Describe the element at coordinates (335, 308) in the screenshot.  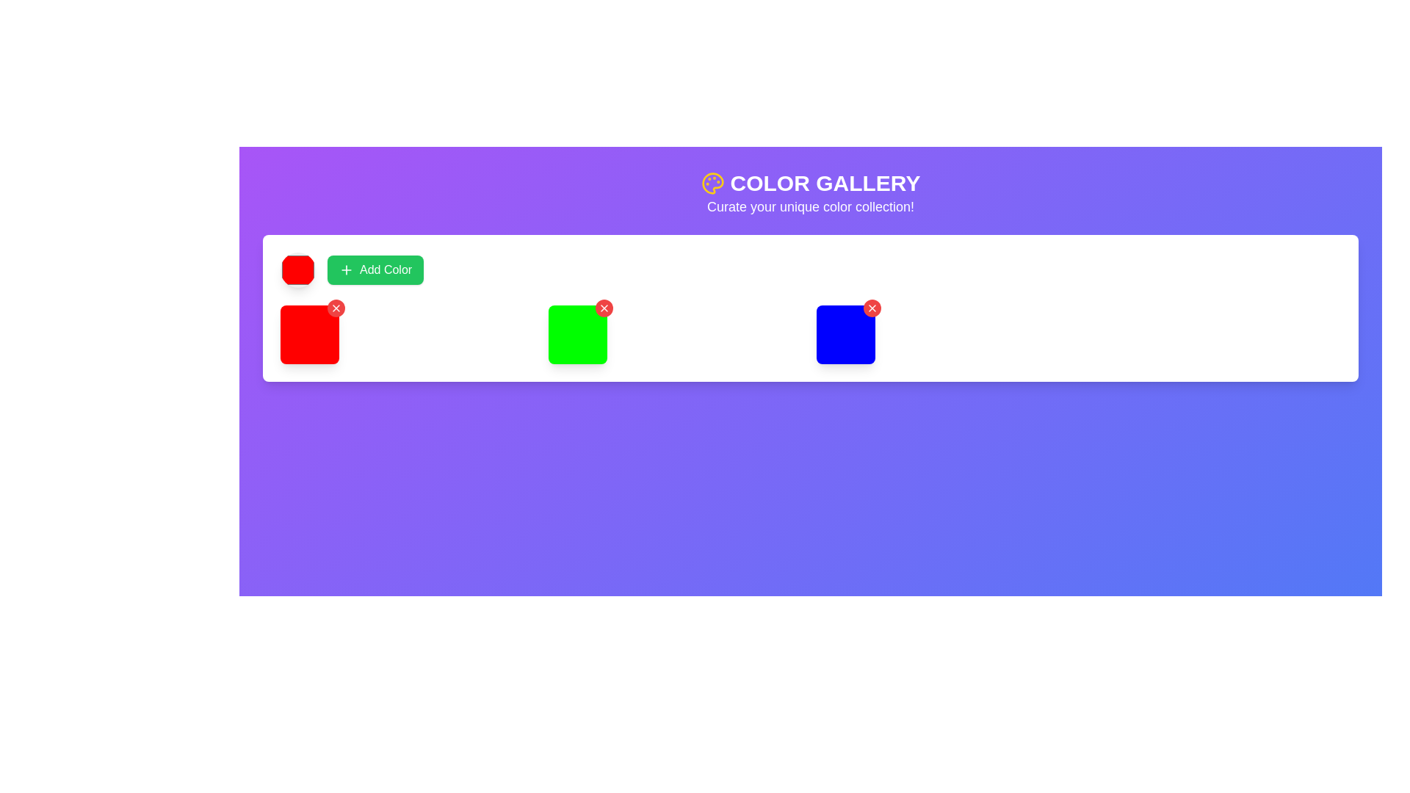
I see `the 'X' icon button located at the top-right corner of the circular red badge` at that location.